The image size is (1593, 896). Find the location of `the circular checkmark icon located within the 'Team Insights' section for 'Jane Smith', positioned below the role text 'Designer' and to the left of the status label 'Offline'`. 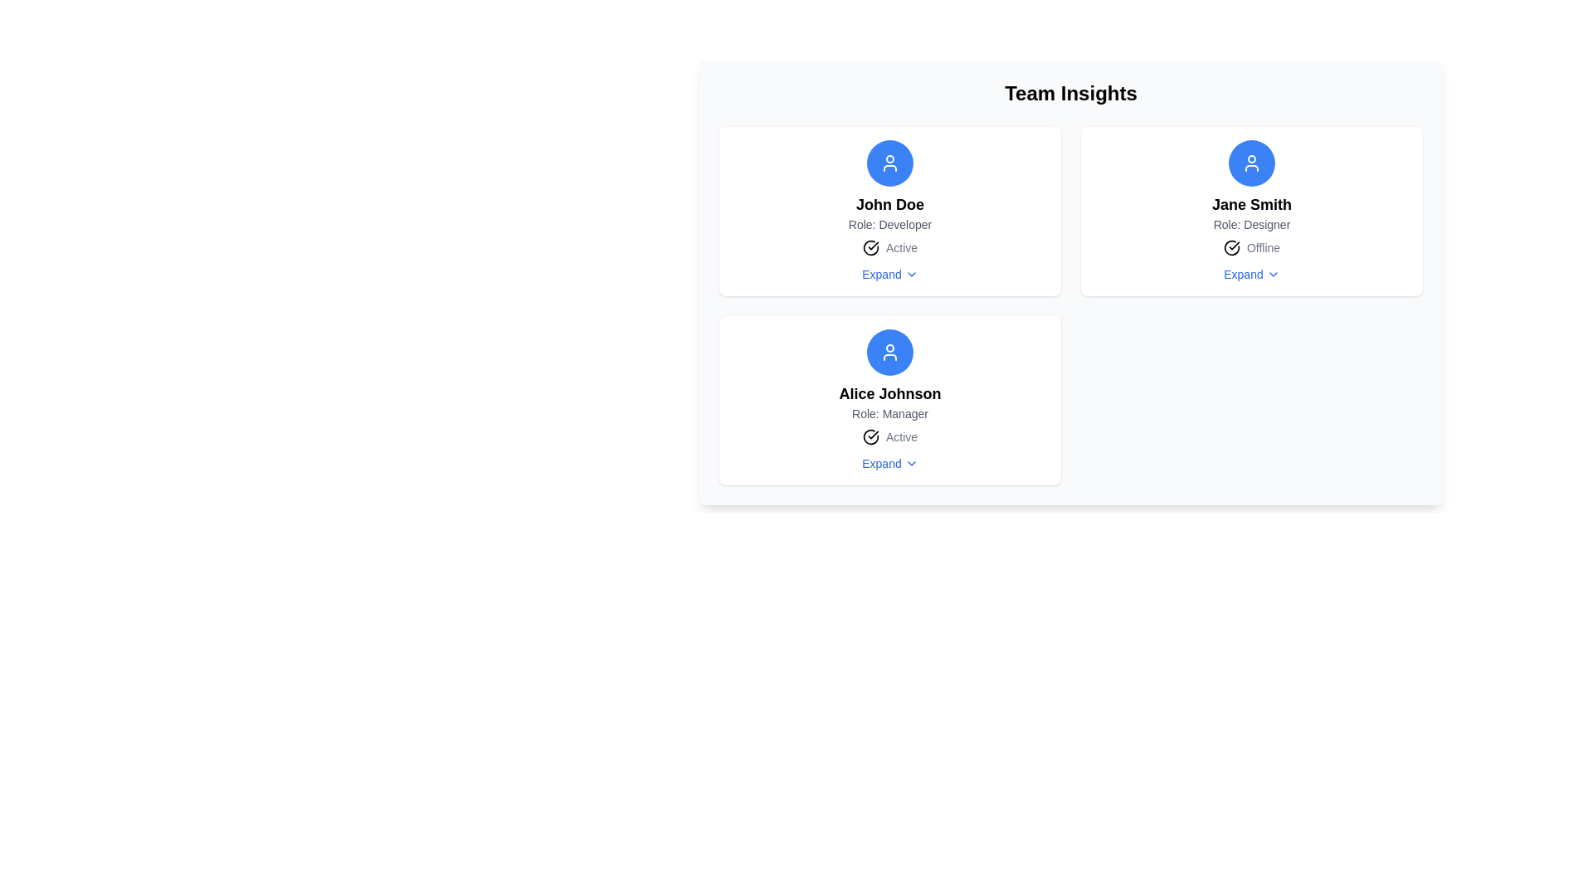

the circular checkmark icon located within the 'Team Insights' section for 'Jane Smith', positioned below the role text 'Designer' and to the left of the status label 'Offline' is located at coordinates (1231, 248).